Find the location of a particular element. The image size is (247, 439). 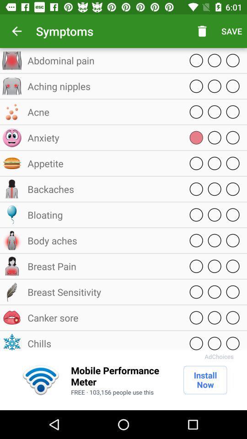

icon next to the abdominal pain item is located at coordinates (202, 31).